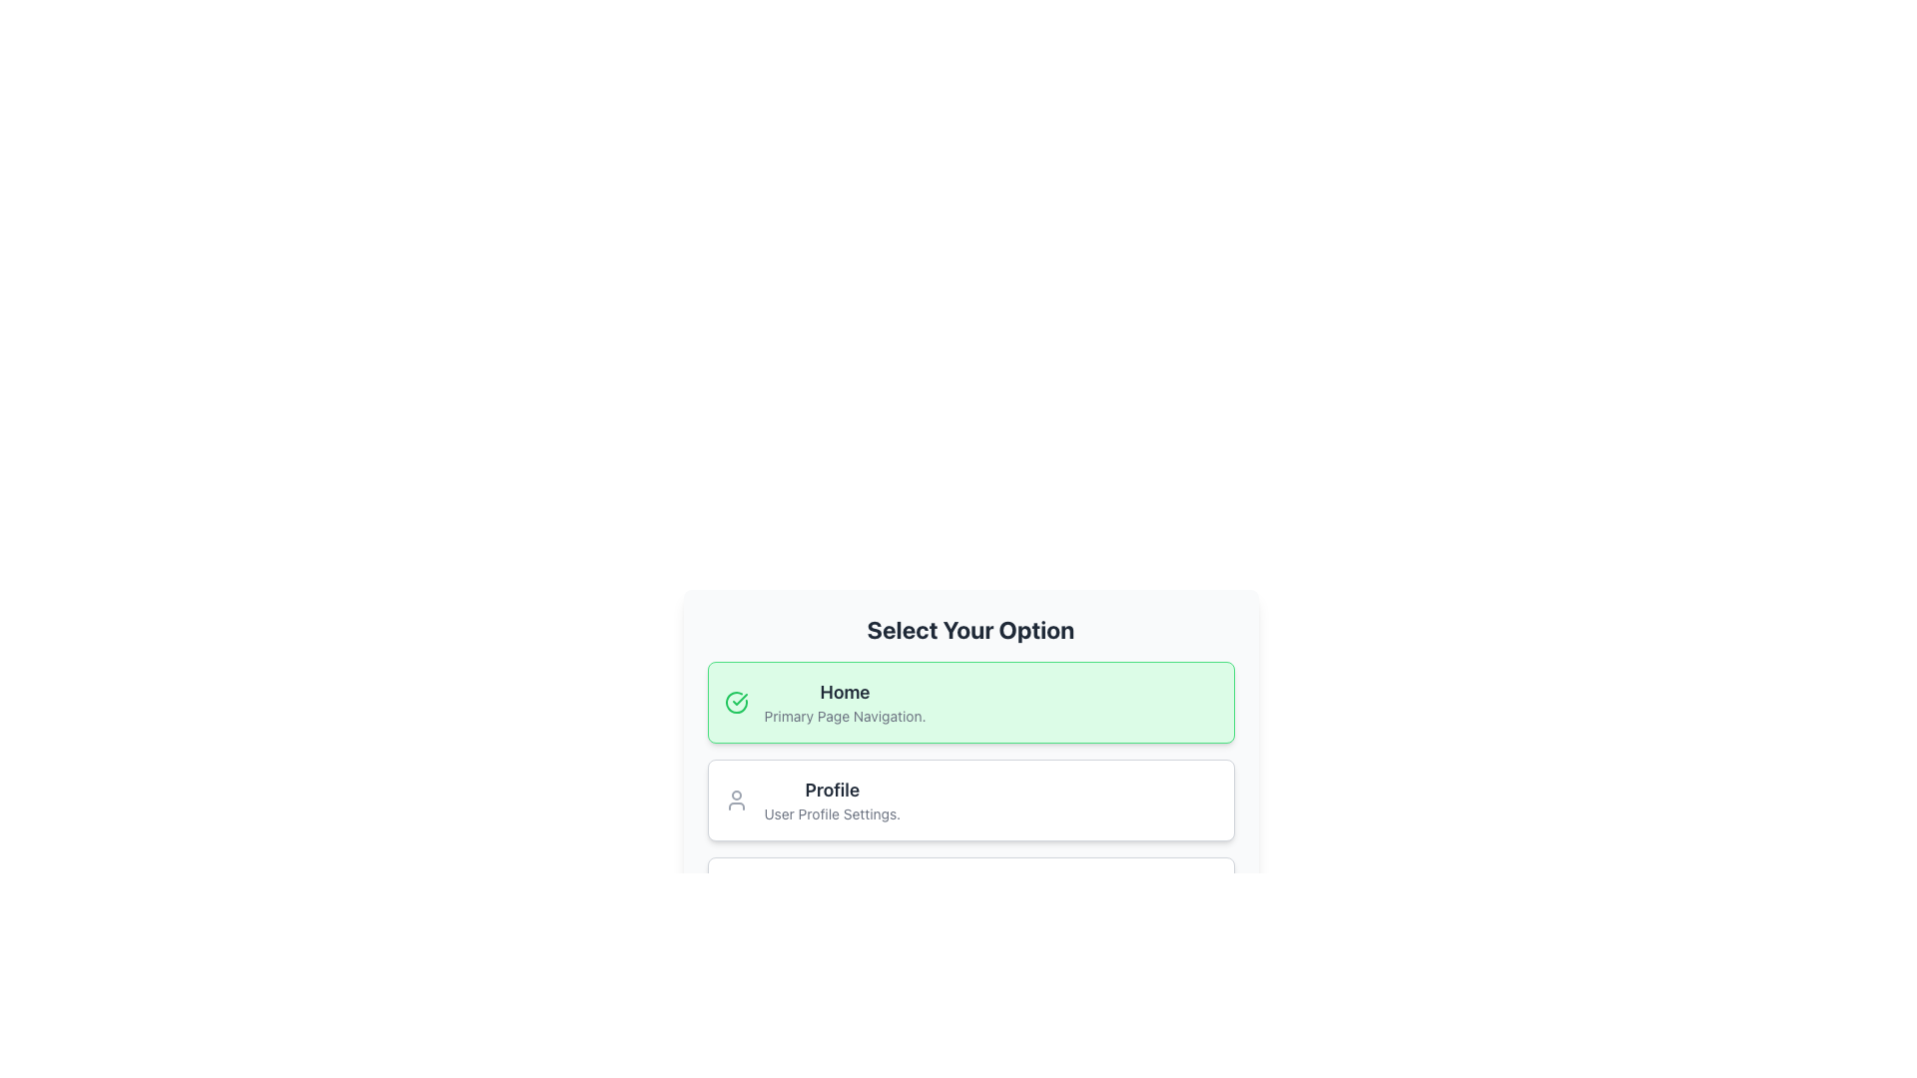 The width and height of the screenshot is (1917, 1078). What do you see at coordinates (845, 702) in the screenshot?
I see `the navigational button text block within the first green-highlighted card under the 'Select Your Option' header` at bounding box center [845, 702].